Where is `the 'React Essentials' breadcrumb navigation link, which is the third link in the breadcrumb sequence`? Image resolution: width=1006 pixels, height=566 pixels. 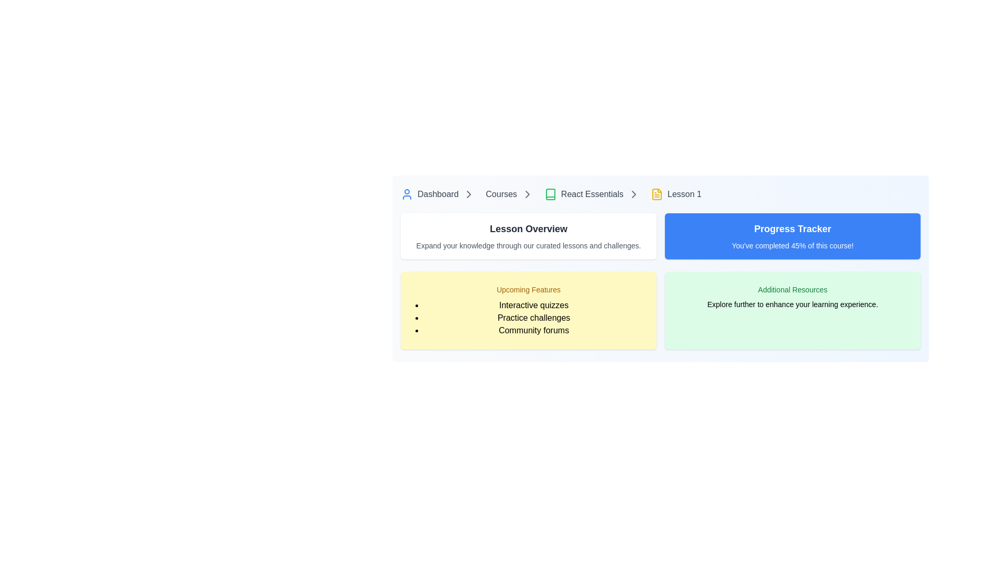
the 'React Essentials' breadcrumb navigation link, which is the third link in the breadcrumb sequence is located at coordinates (594, 194).